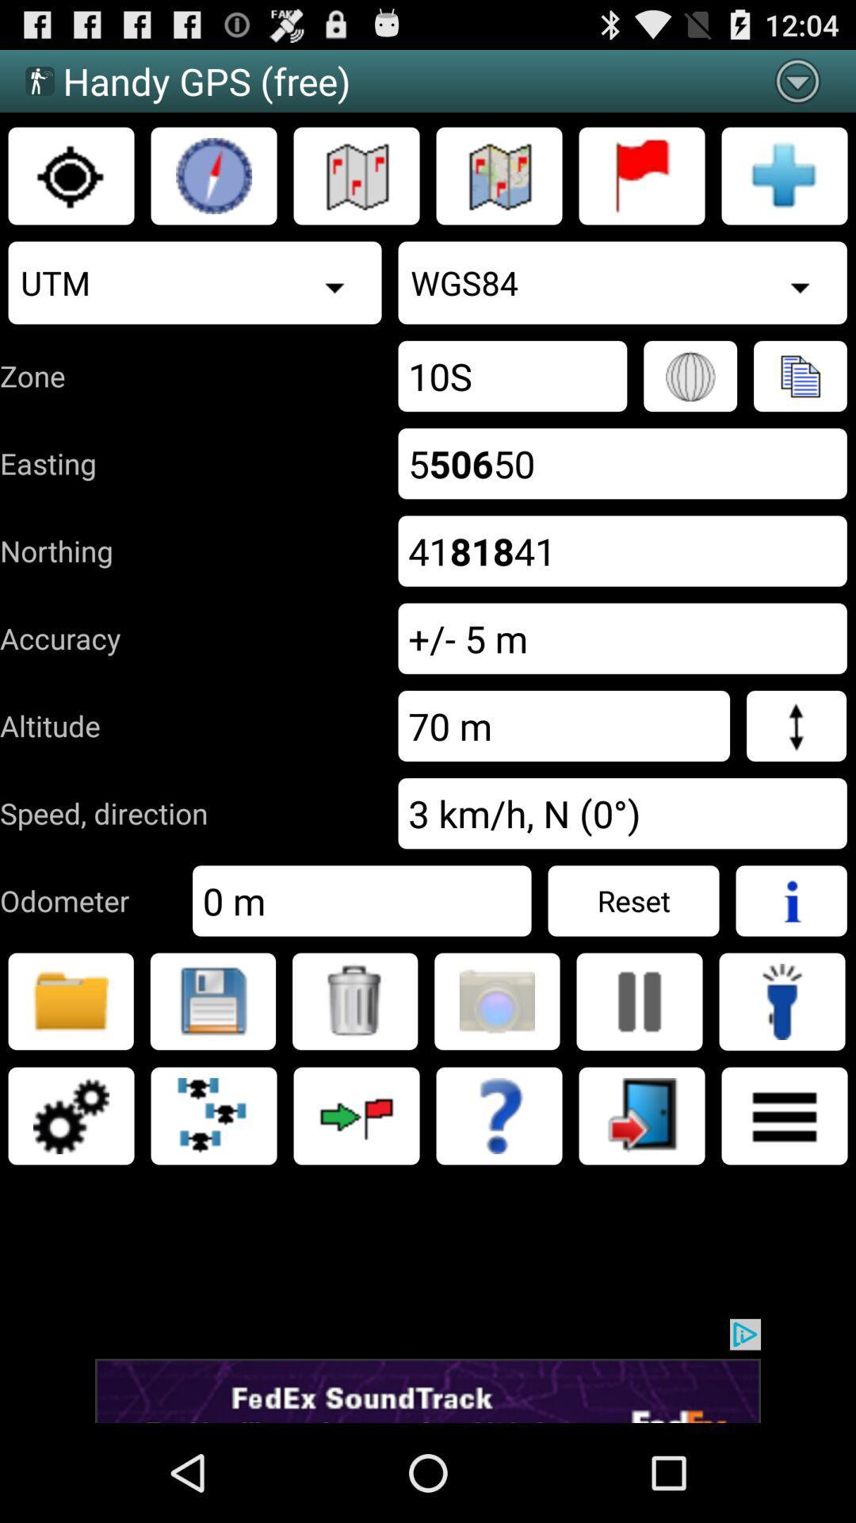  I want to click on handy gps free, so click(214, 175).